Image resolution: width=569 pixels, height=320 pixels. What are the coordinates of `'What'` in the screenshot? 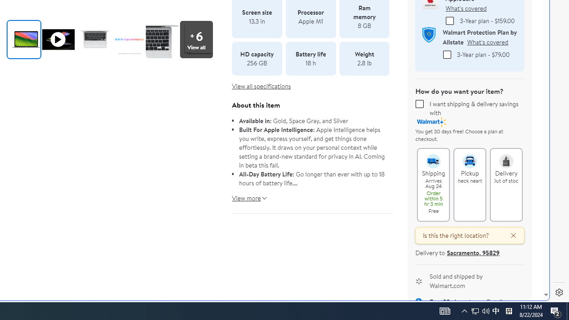 It's located at (487, 42).